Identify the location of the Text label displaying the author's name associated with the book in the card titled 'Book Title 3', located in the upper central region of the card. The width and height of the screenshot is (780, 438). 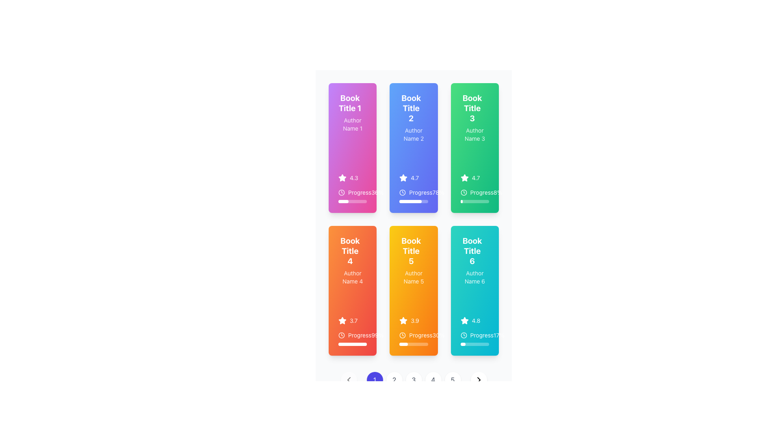
(474, 134).